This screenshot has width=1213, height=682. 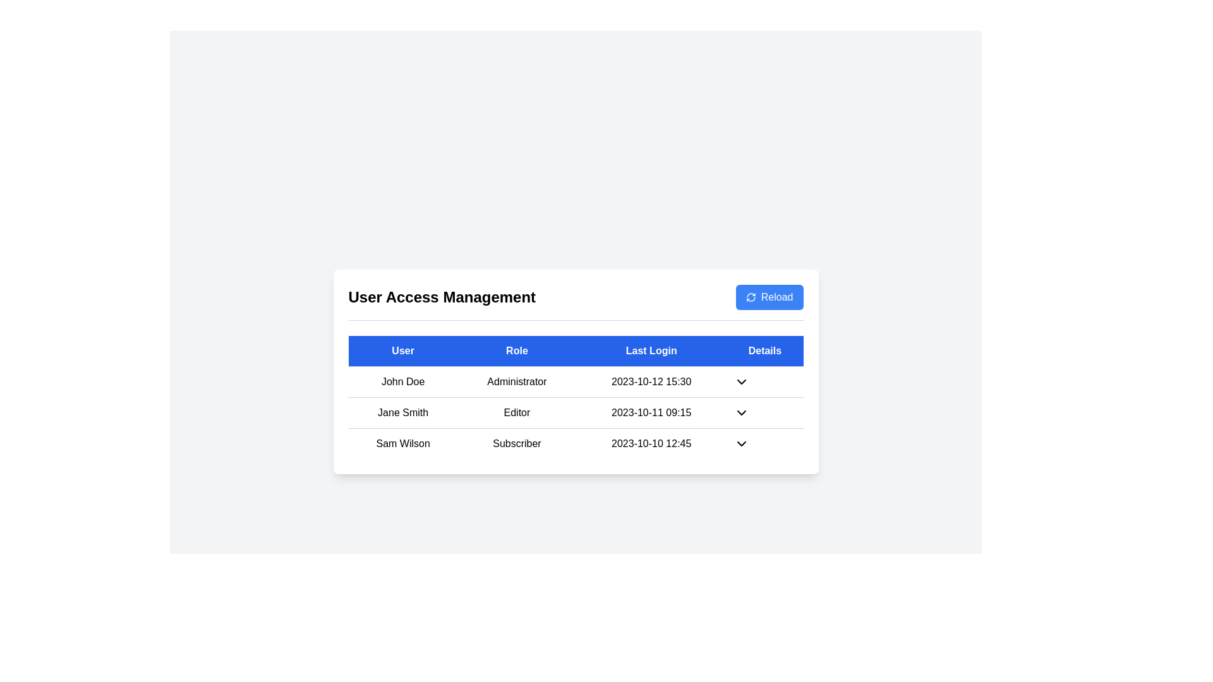 What do you see at coordinates (517, 413) in the screenshot?
I see `the static text indicating the role 'Editor' associated with the user 'Jane Smith', located under the header 'Role'` at bounding box center [517, 413].